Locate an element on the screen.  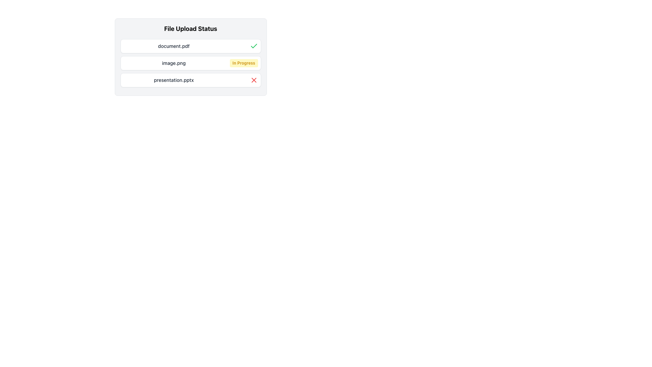
the third list item indicating an error status for the file upload named 'presentation.pptx' under the 'File Upload Status' header is located at coordinates (190, 80).